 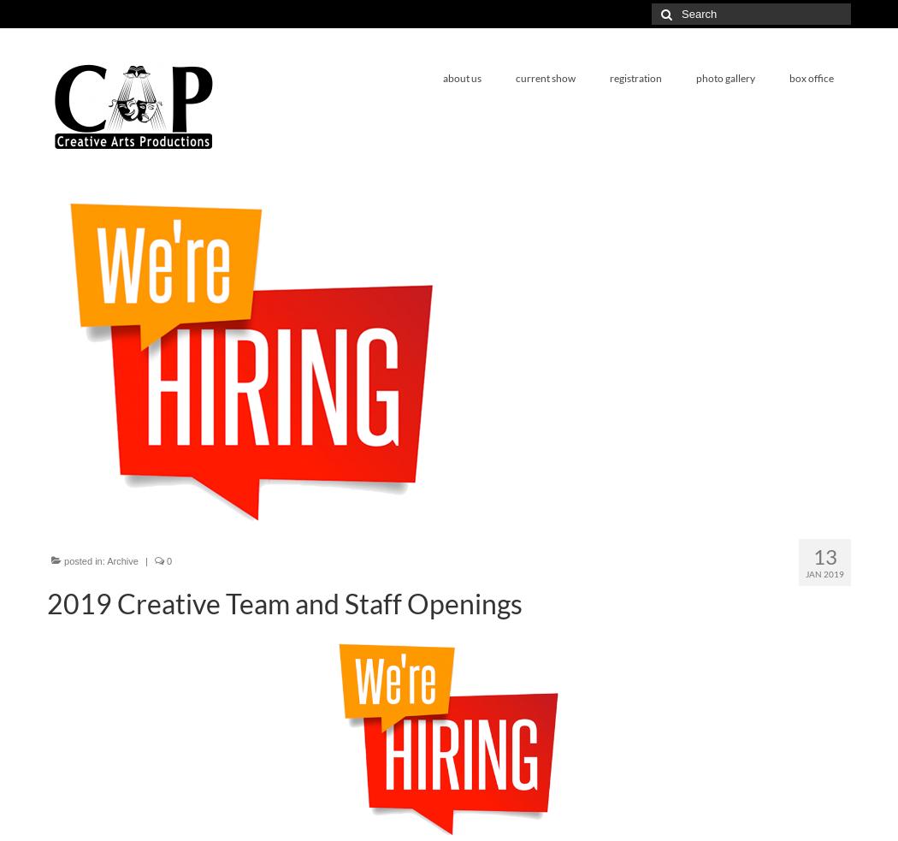 I want to click on 'posted in:', so click(x=84, y=560).